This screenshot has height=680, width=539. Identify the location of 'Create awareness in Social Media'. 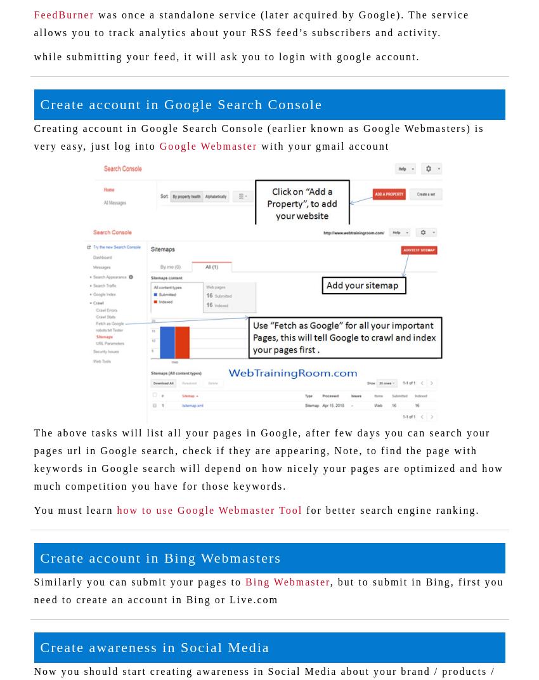
(39, 647).